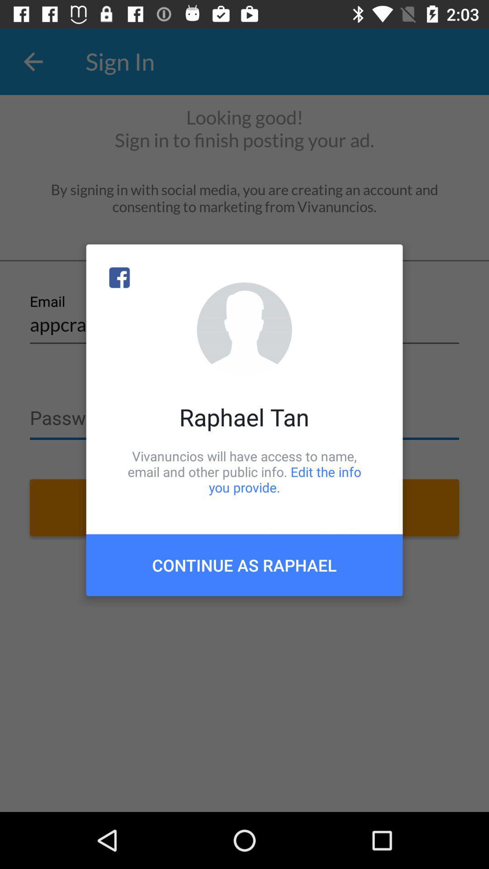  Describe the element at coordinates (244, 471) in the screenshot. I see `item above the continue as raphael item` at that location.